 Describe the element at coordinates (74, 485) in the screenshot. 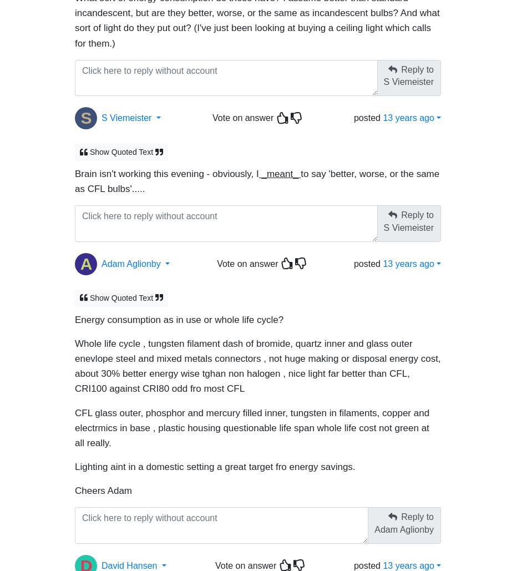

I see `'Cheers Adam'` at that location.